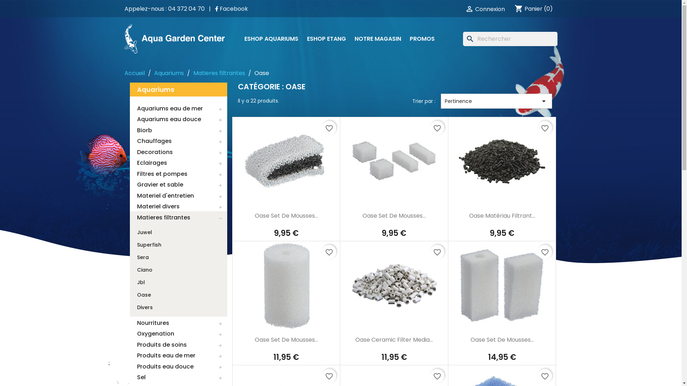 This screenshot has height=386, width=687. What do you see at coordinates (271, 39) in the screenshot?
I see `'ESHOP AQUARIUMS'` at bounding box center [271, 39].